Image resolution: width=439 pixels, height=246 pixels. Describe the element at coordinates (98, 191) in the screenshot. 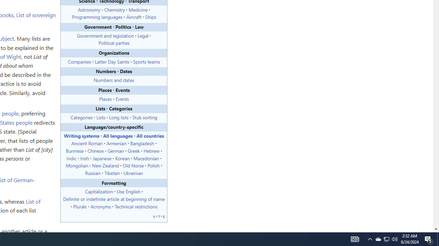

I see `'Capitalization'` at that location.